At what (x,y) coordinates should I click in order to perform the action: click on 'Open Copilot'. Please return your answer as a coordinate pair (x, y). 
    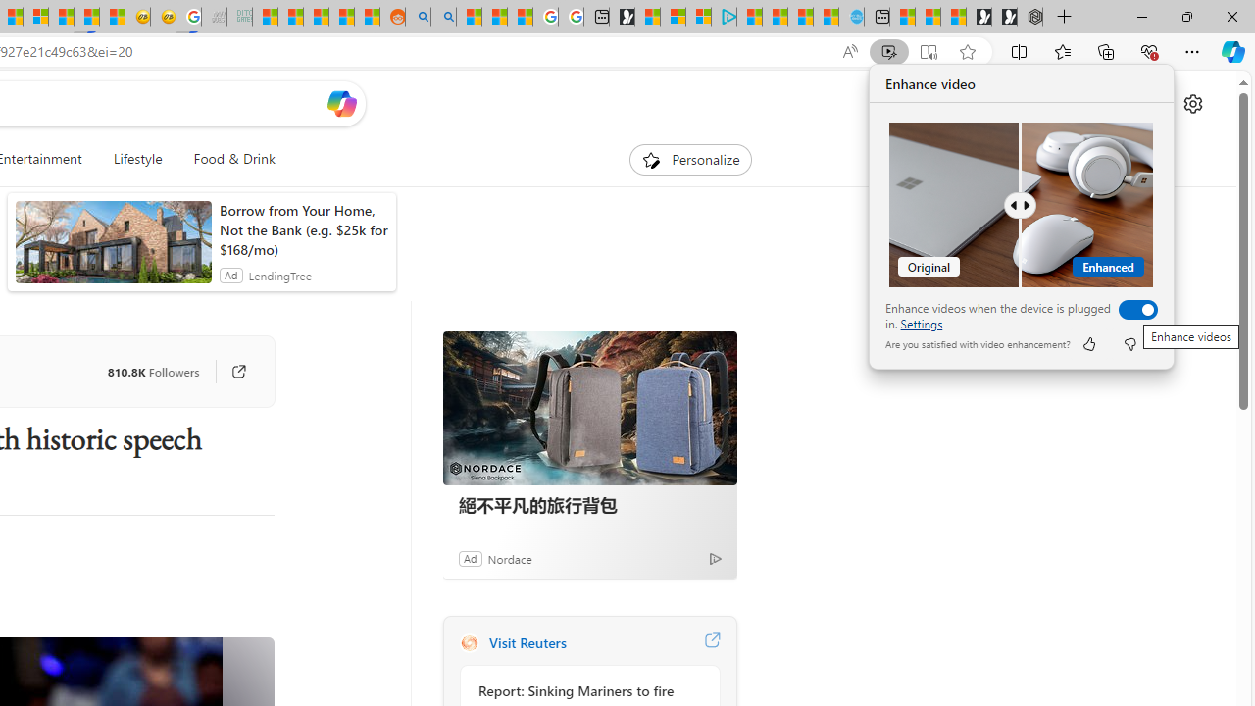
    Looking at the image, I should click on (341, 103).